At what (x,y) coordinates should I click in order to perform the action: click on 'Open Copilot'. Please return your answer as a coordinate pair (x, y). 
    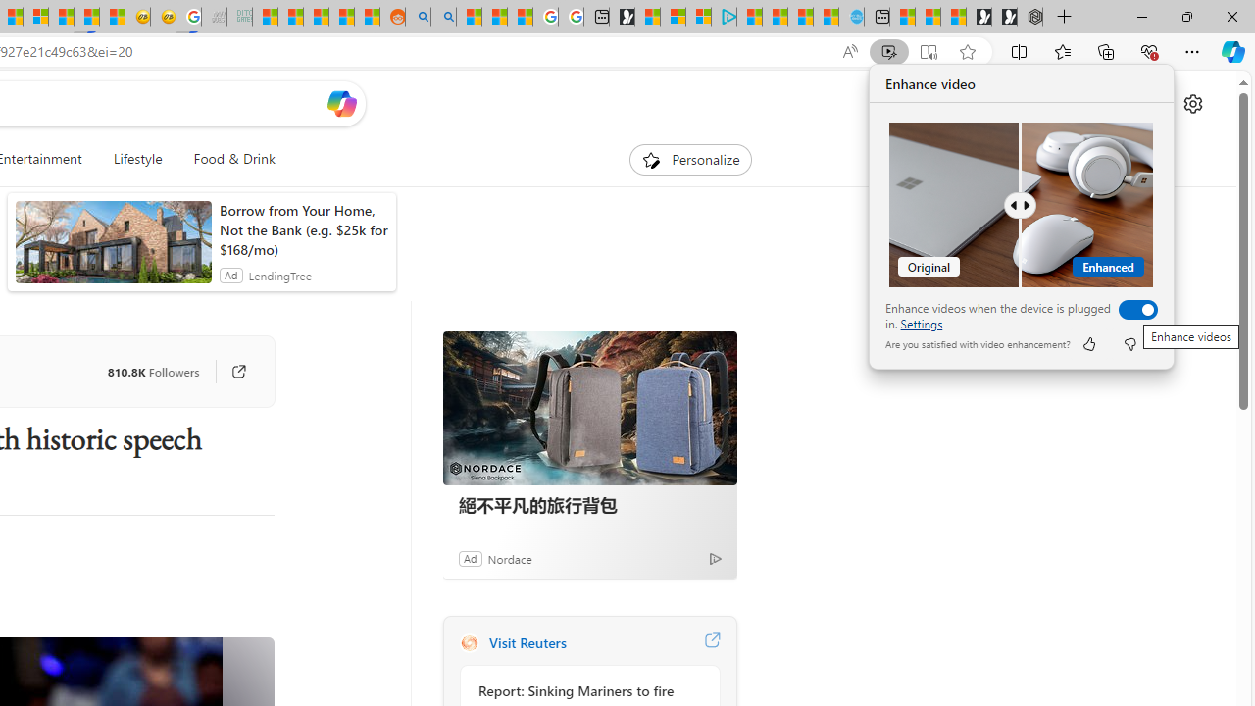
    Looking at the image, I should click on (341, 103).